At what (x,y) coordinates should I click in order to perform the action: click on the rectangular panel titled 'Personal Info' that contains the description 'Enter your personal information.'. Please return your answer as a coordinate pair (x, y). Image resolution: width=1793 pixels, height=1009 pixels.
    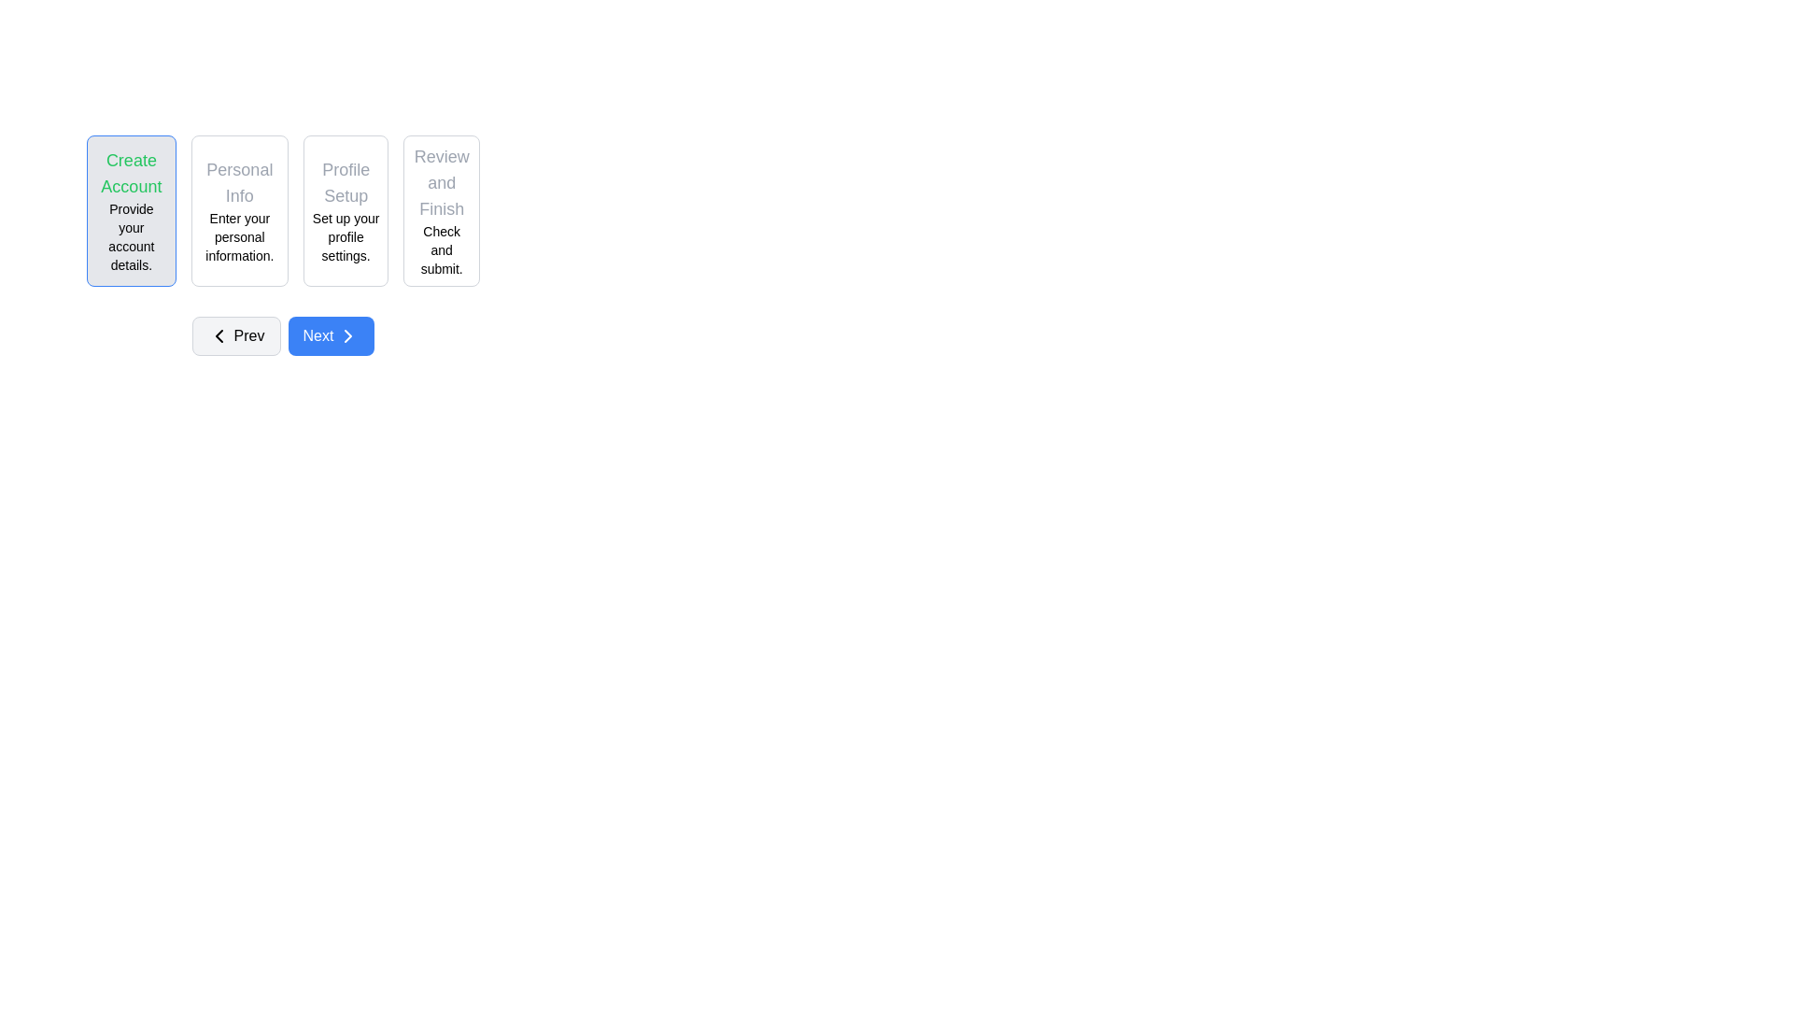
    Looking at the image, I should click on (282, 244).